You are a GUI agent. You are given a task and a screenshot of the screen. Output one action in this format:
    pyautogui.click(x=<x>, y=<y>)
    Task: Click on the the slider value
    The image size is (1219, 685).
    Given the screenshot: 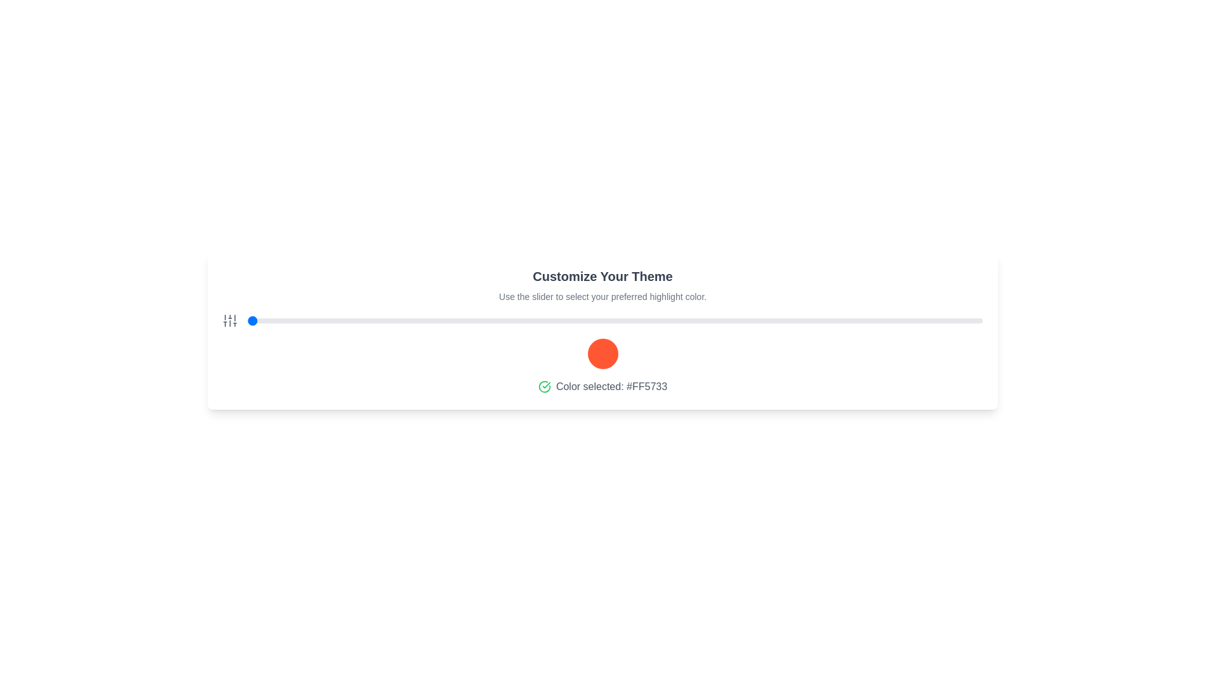 What is the action you would take?
    pyautogui.click(x=286, y=320)
    